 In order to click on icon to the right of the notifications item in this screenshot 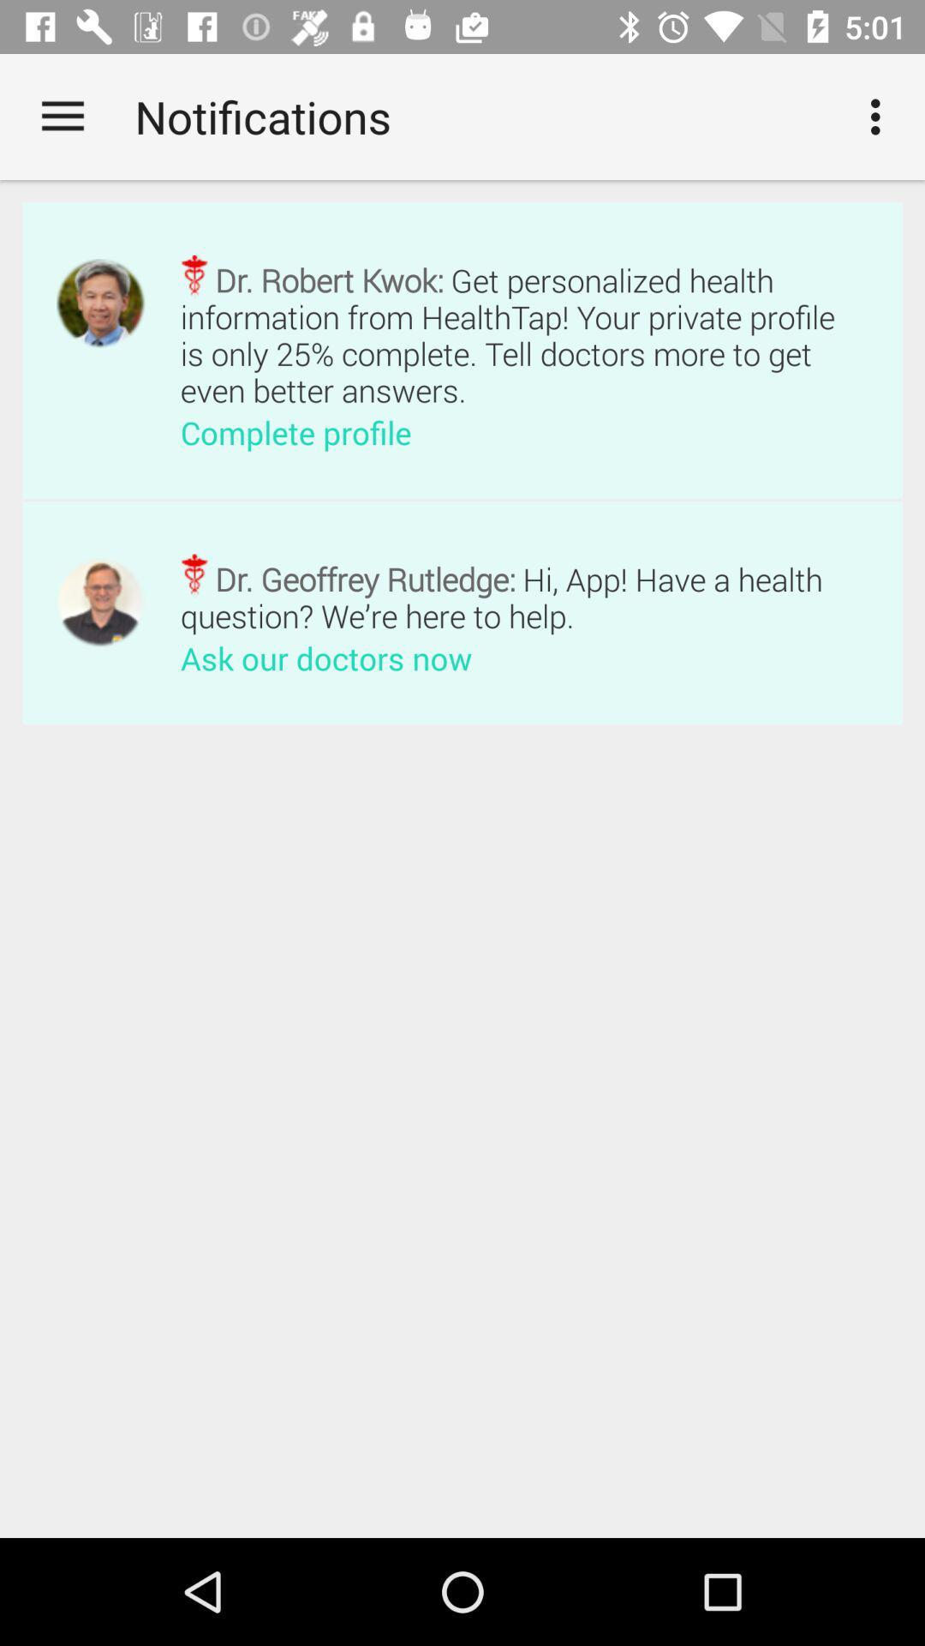, I will do `click(880, 116)`.